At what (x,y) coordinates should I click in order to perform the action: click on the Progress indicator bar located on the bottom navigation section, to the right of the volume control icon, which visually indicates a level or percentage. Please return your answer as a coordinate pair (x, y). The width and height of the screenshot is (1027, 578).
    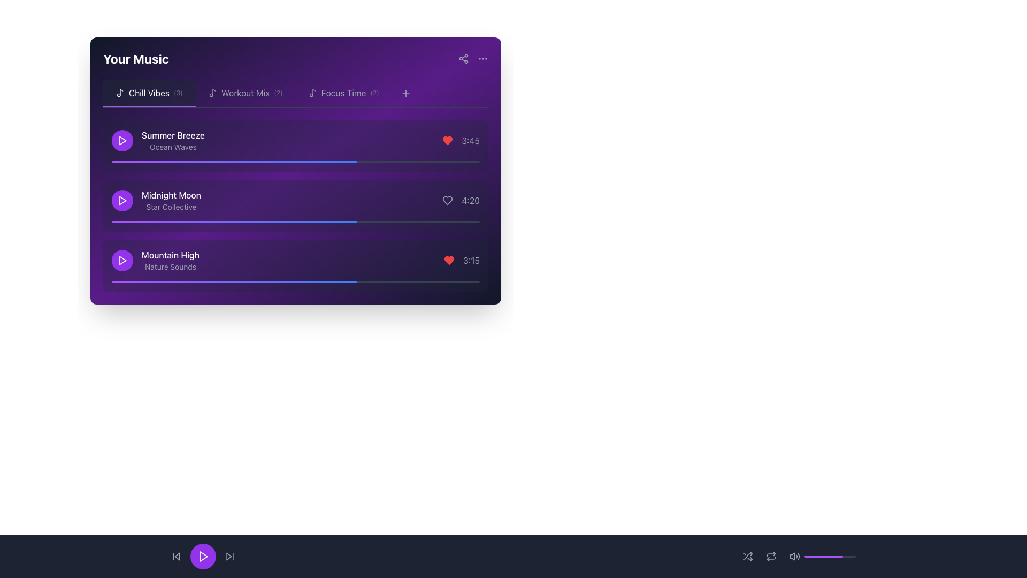
    Looking at the image, I should click on (829, 556).